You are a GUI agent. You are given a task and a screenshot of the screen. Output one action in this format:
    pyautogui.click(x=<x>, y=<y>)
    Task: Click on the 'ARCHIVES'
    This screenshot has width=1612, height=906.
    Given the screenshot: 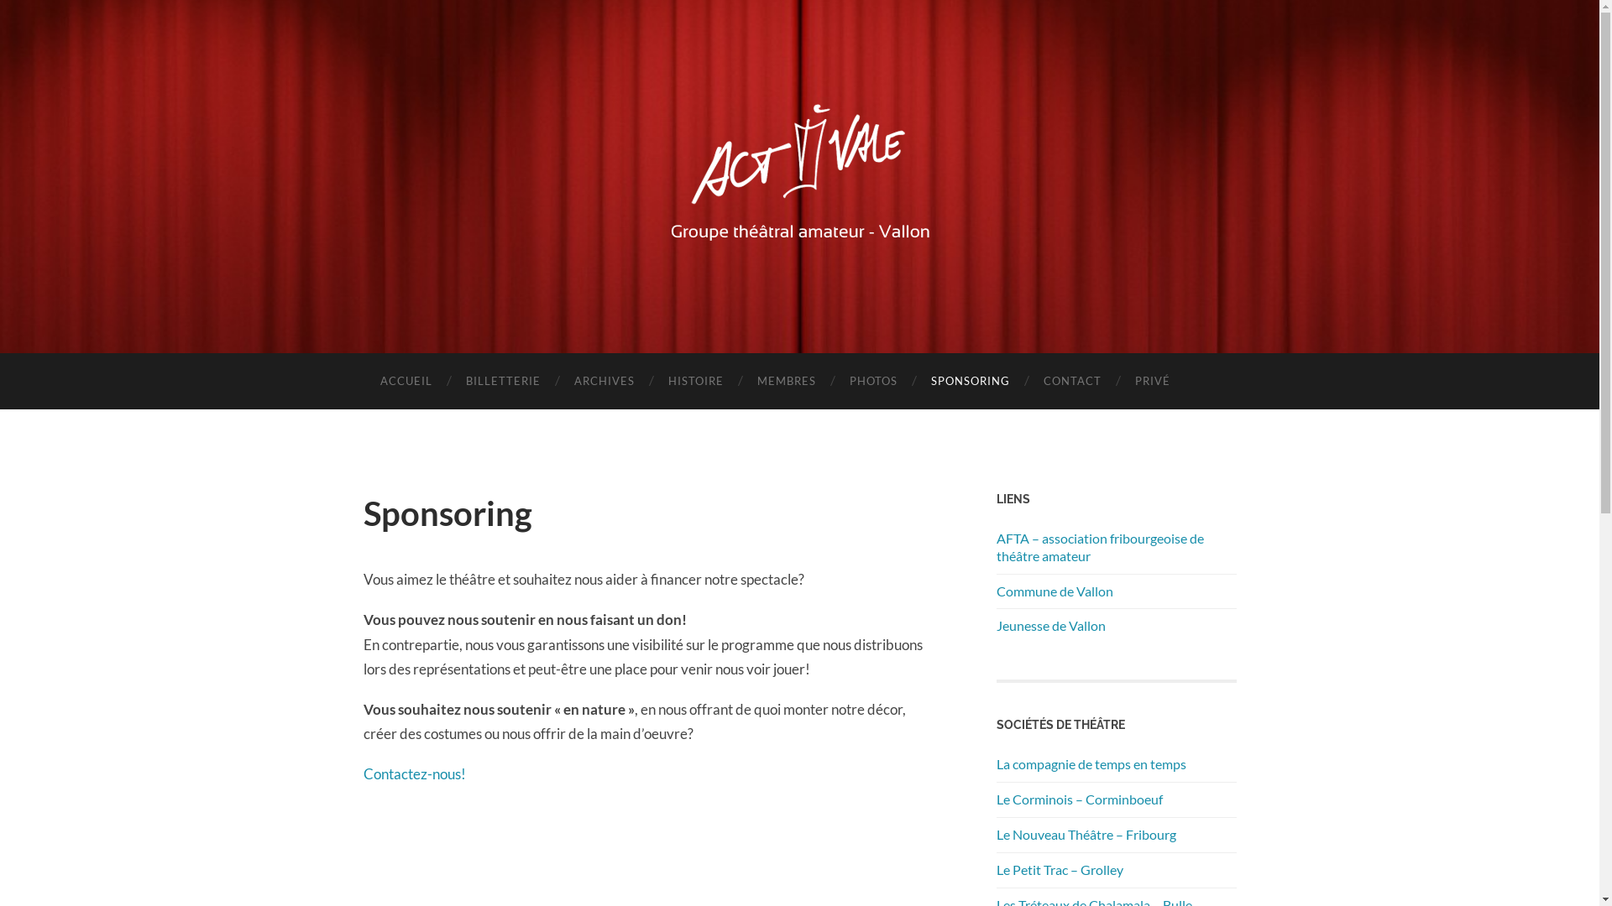 What is the action you would take?
    pyautogui.click(x=604, y=381)
    